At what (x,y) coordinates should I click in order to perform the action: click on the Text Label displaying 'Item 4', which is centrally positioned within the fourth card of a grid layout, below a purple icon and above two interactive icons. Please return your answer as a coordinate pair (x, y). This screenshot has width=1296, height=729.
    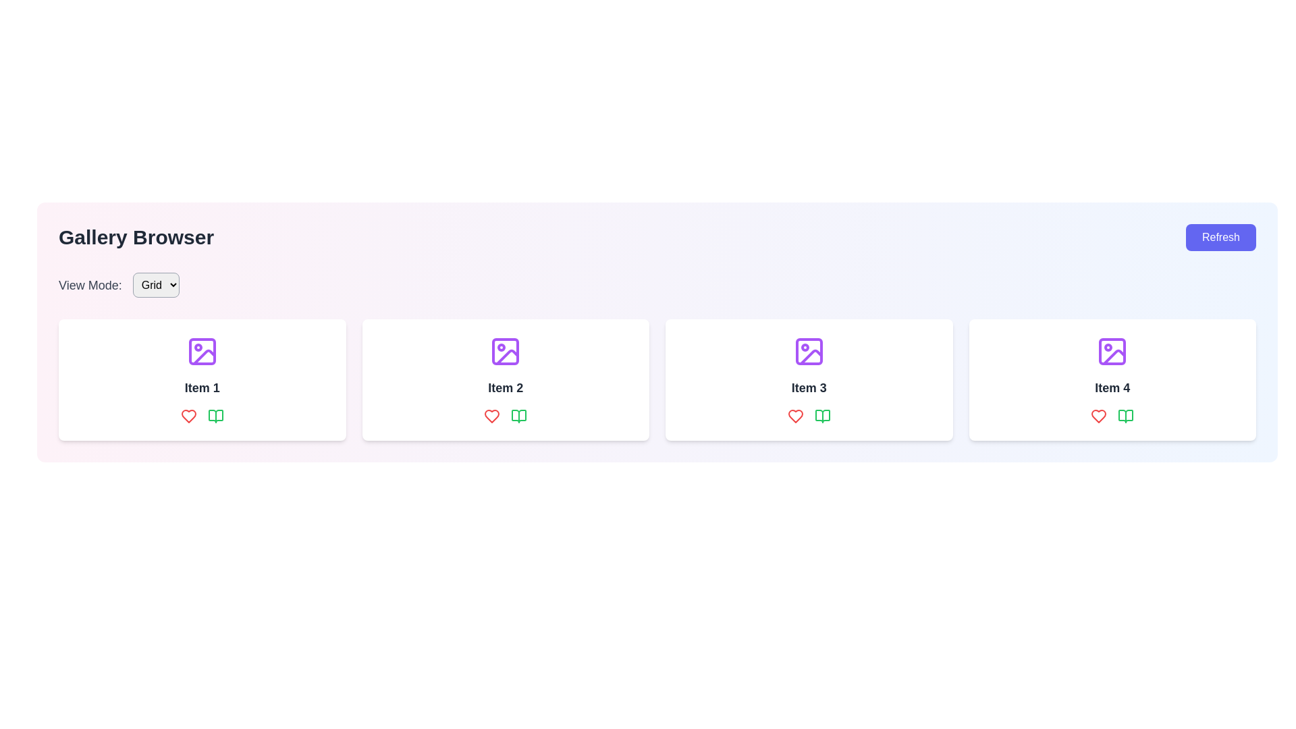
    Looking at the image, I should click on (1112, 387).